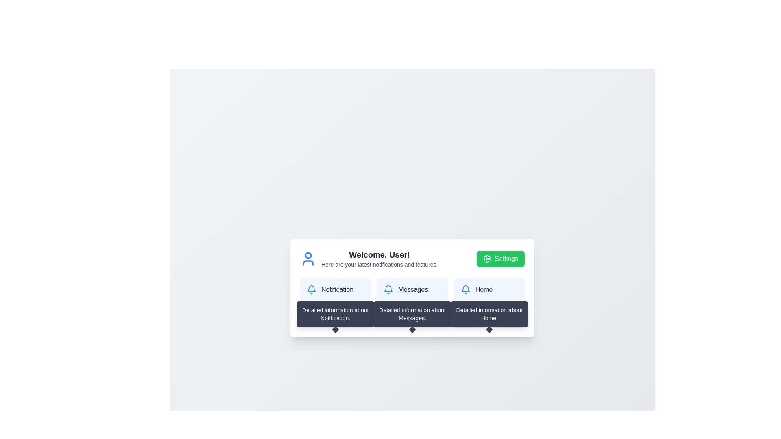 Image resolution: width=781 pixels, height=439 pixels. Describe the element at coordinates (335, 313) in the screenshot. I see `text content from the dark gray tooltip that contains the white text 'Detailed information about Notification.' located below the 'Notification' button` at that location.